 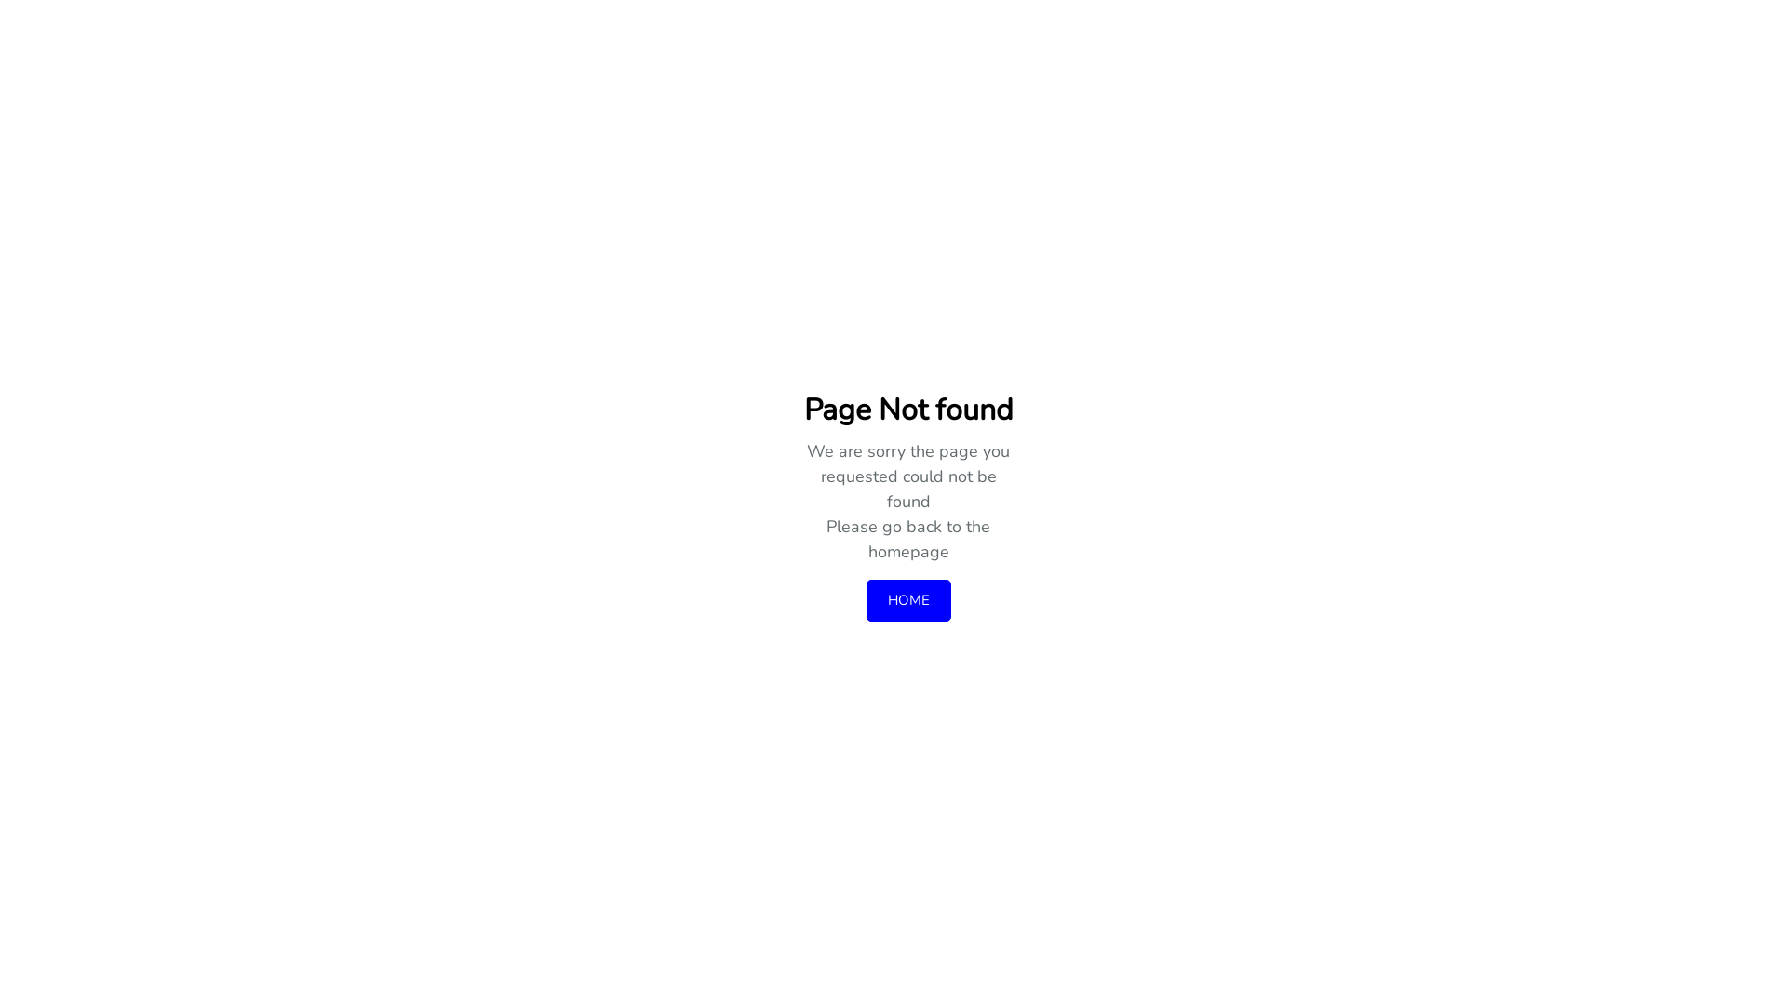 What do you see at coordinates (907, 600) in the screenshot?
I see `'HOME'` at bounding box center [907, 600].